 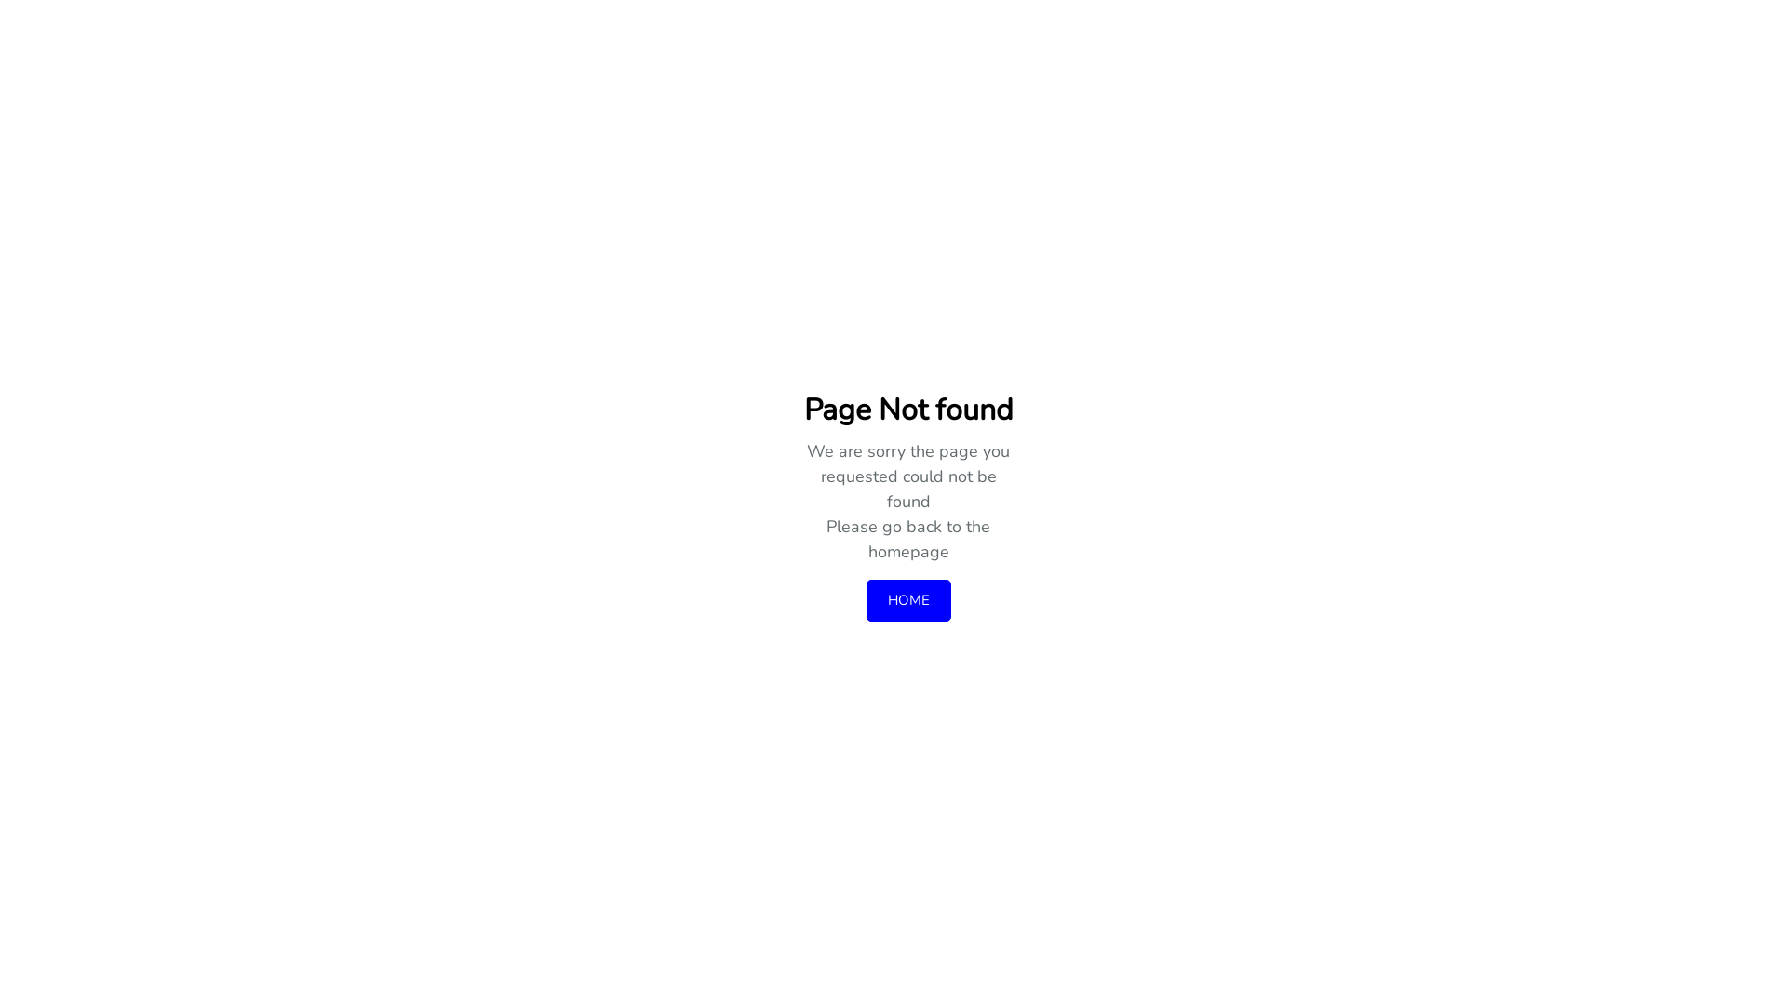 What do you see at coordinates (907, 600) in the screenshot?
I see `'HOME'` at bounding box center [907, 600].